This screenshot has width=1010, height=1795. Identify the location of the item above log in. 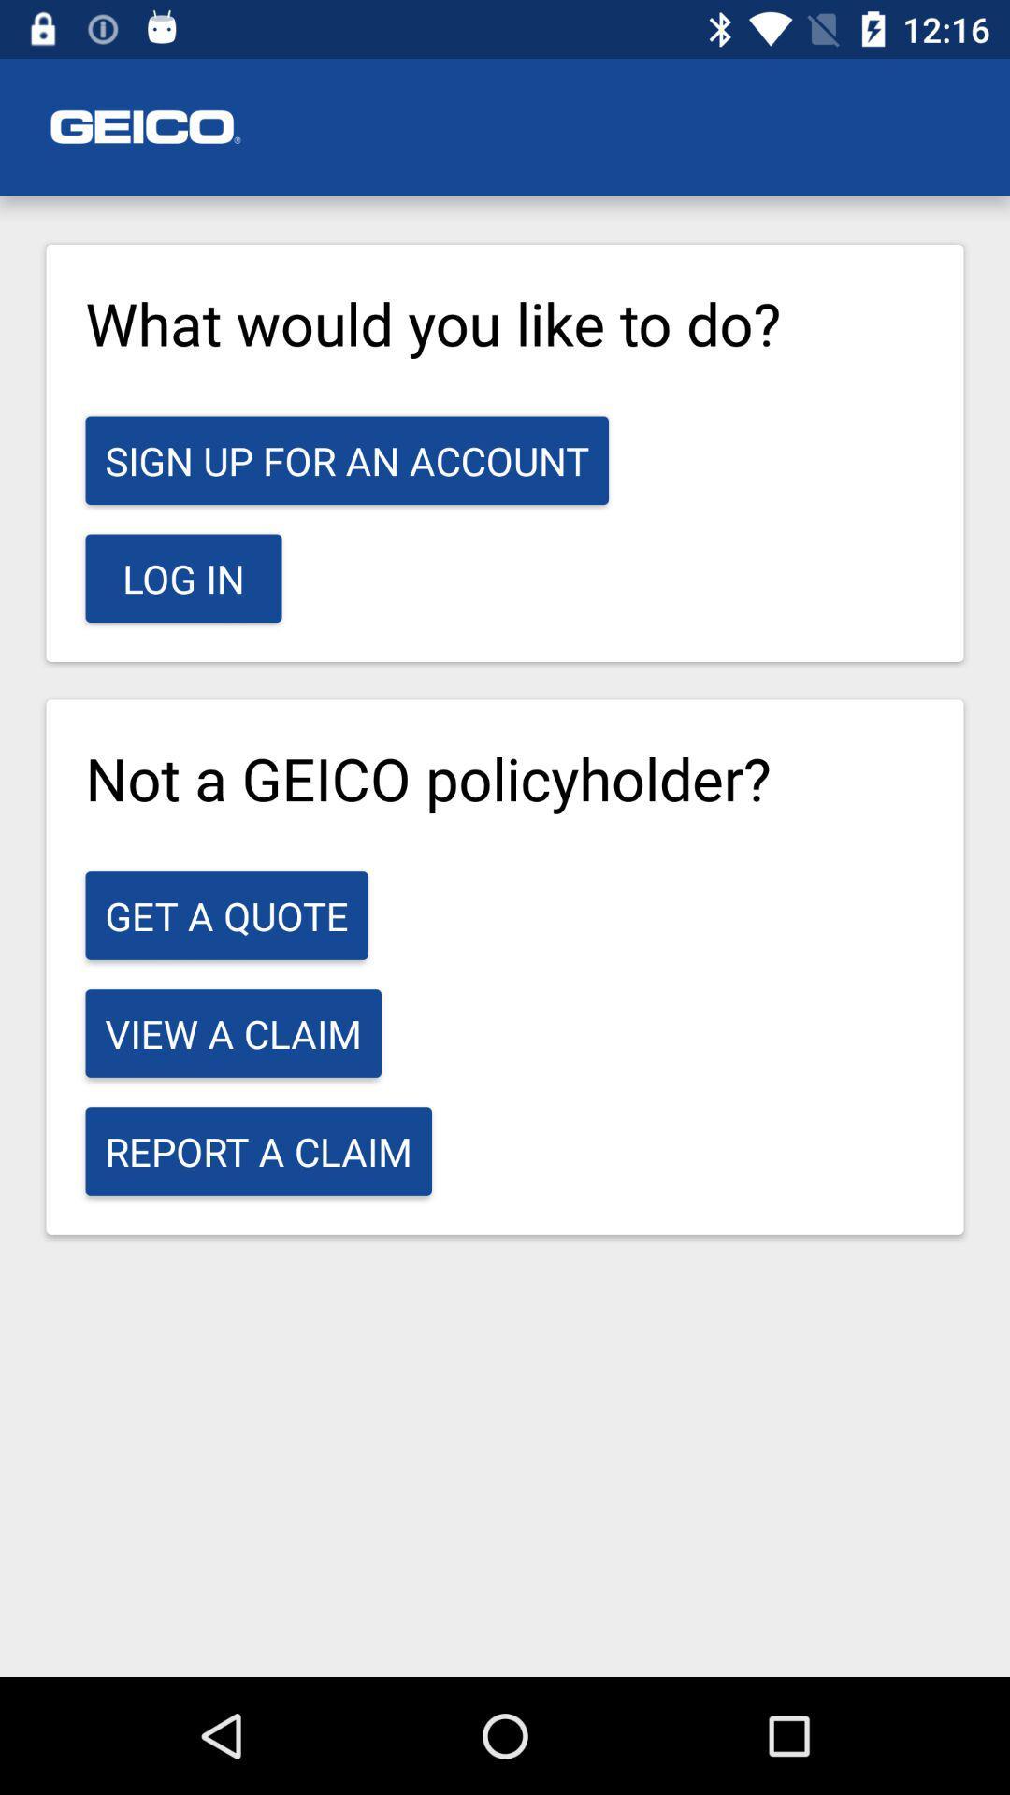
(347, 460).